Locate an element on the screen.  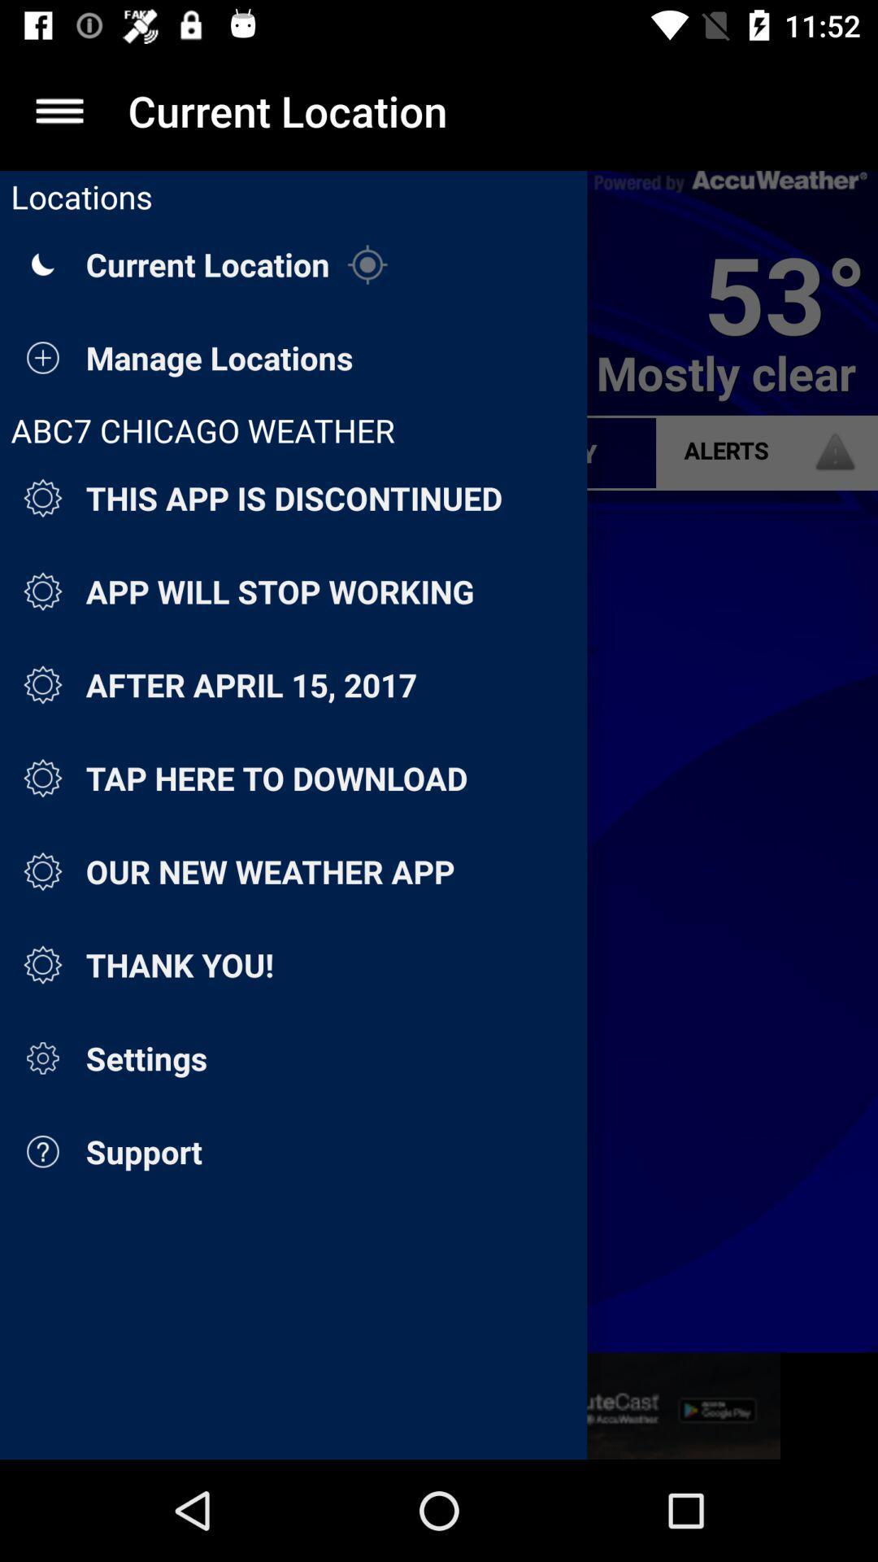
the menu icon is located at coordinates (59, 110).